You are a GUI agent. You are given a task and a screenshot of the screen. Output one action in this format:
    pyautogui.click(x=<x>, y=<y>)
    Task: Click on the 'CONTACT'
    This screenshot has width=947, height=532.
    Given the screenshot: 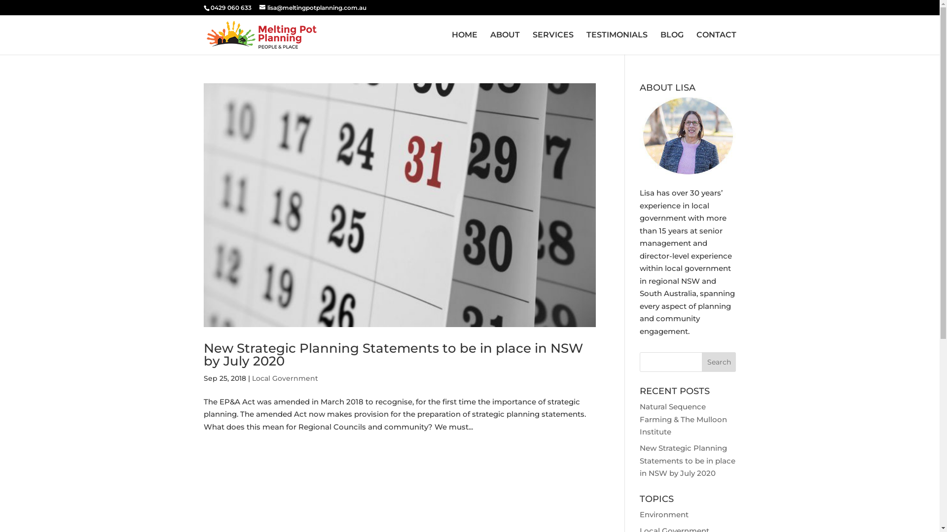 What is the action you would take?
    pyautogui.click(x=695, y=42)
    